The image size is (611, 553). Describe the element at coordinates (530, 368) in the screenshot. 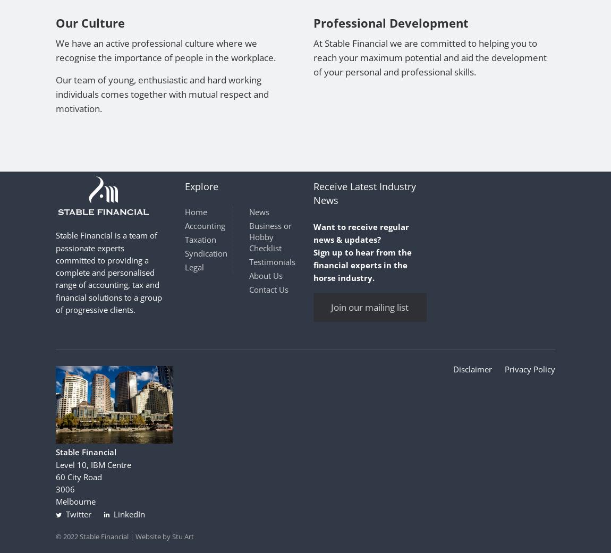

I see `'Privacy Policy'` at that location.